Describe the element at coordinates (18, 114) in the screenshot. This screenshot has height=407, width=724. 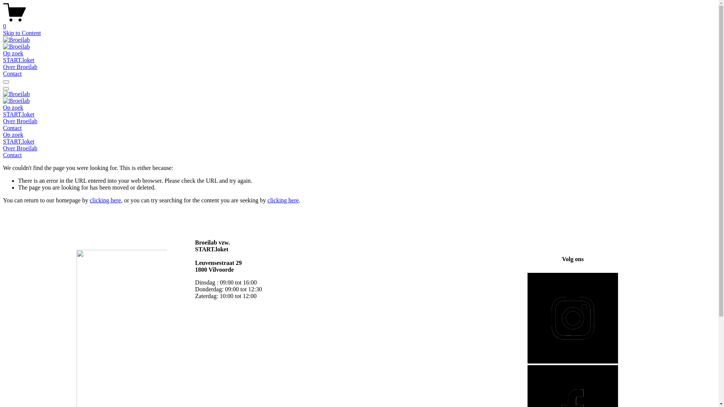
I see `'START.loket'` at that location.